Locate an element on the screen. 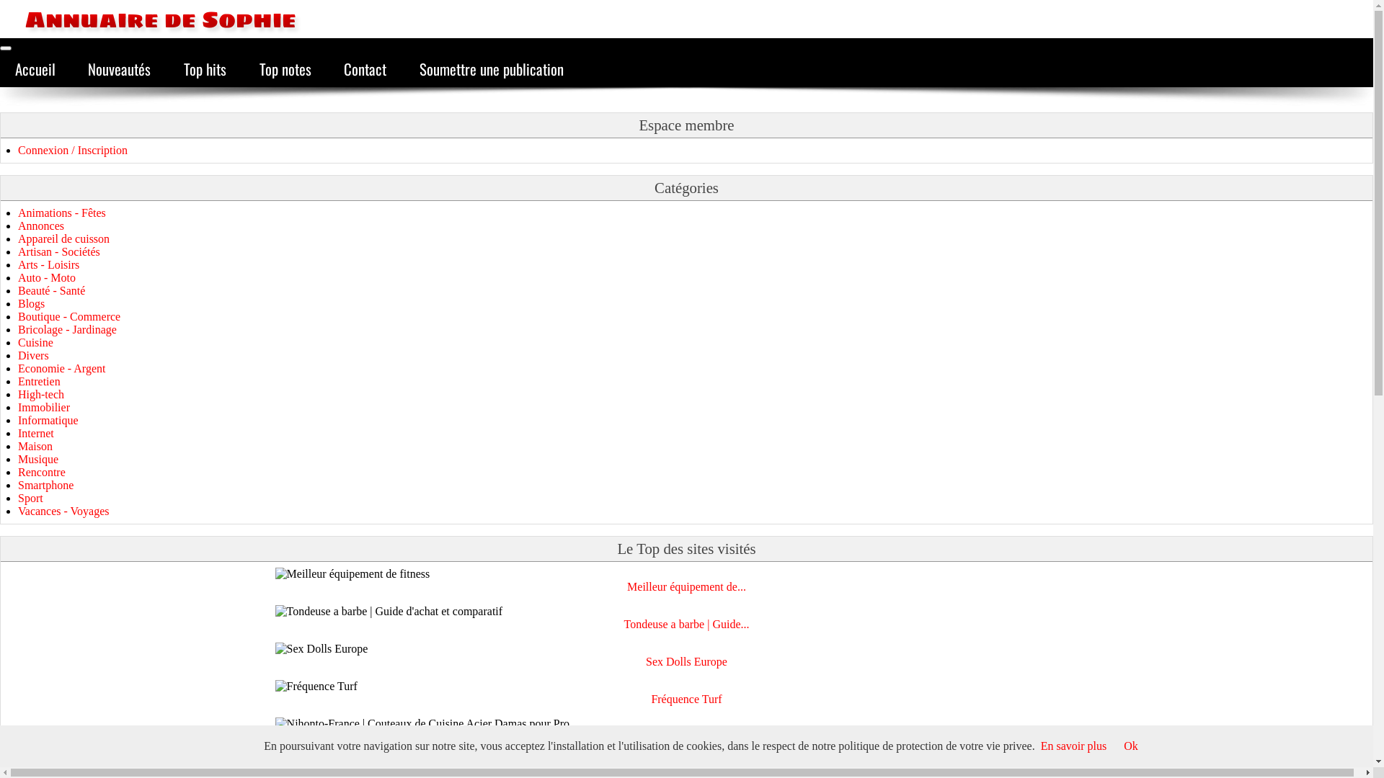 The image size is (1384, 778). 'Blogs' is located at coordinates (31, 303).